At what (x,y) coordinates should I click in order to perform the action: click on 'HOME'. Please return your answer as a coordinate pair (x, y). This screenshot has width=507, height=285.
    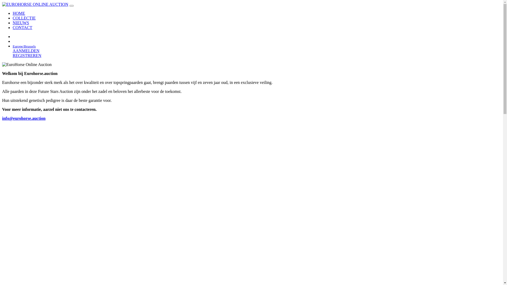
    Looking at the image, I should click on (19, 13).